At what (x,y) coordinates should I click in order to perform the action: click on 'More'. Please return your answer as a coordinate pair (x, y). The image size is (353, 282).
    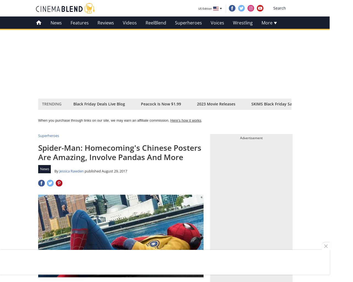
    Looking at the image, I should click on (268, 22).